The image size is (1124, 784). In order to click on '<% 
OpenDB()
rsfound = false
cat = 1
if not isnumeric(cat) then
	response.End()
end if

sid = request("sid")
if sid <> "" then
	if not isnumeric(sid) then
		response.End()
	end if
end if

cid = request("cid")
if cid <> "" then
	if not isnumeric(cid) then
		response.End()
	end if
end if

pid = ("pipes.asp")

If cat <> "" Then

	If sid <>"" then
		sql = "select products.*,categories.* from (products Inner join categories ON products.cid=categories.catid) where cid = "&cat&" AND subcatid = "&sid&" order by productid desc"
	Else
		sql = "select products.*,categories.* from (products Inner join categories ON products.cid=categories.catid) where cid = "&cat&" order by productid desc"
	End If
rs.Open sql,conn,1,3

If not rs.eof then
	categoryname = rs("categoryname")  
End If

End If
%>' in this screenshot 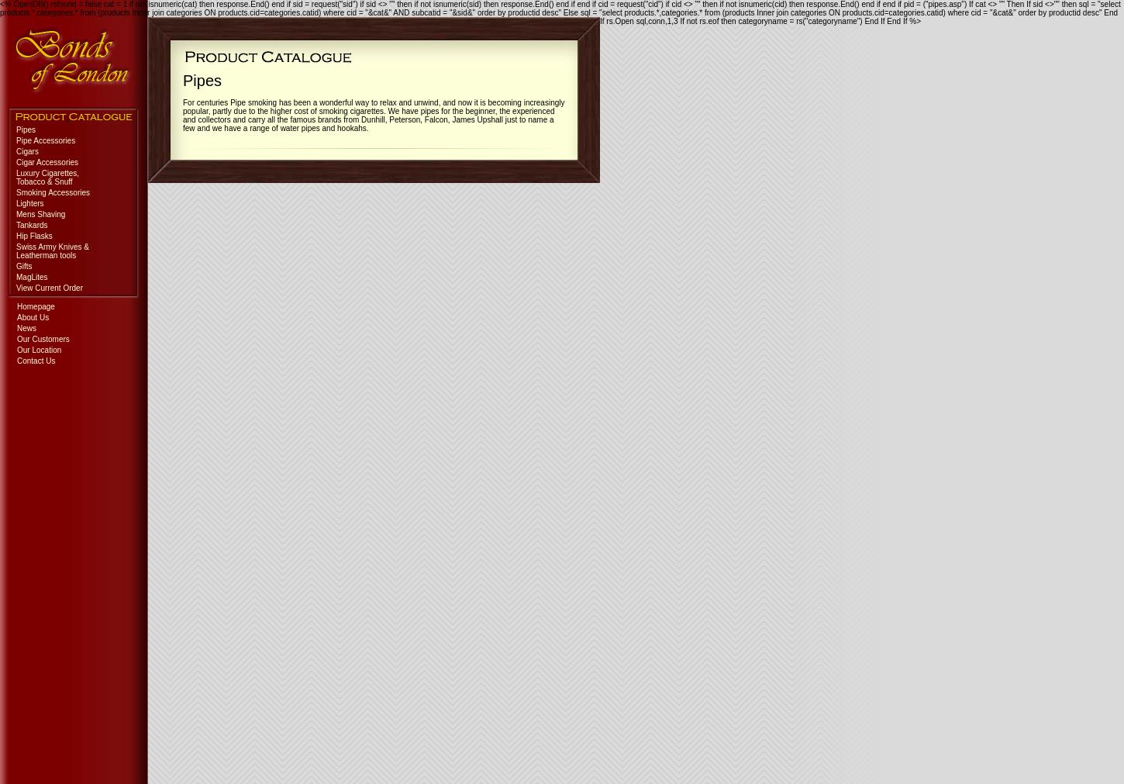, I will do `click(559, 12)`.